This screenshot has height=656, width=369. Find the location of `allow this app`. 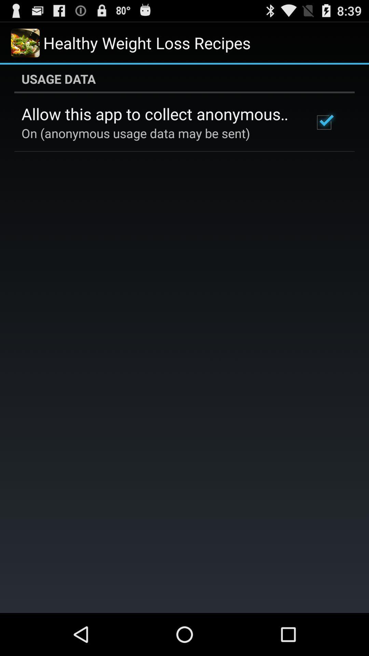

allow this app is located at coordinates (158, 114).